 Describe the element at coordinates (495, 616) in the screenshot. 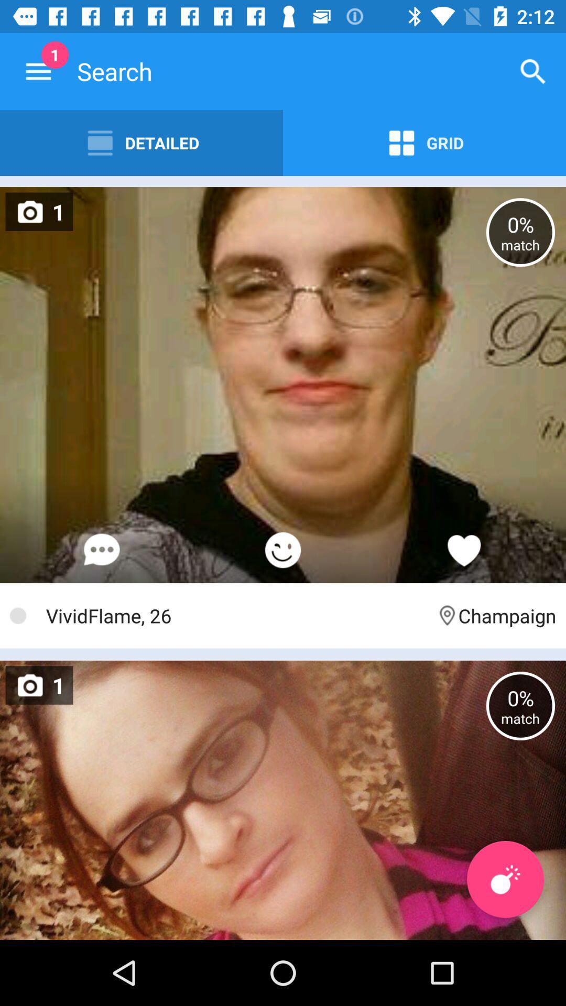

I see `item to the right of vividflame, 26` at that location.